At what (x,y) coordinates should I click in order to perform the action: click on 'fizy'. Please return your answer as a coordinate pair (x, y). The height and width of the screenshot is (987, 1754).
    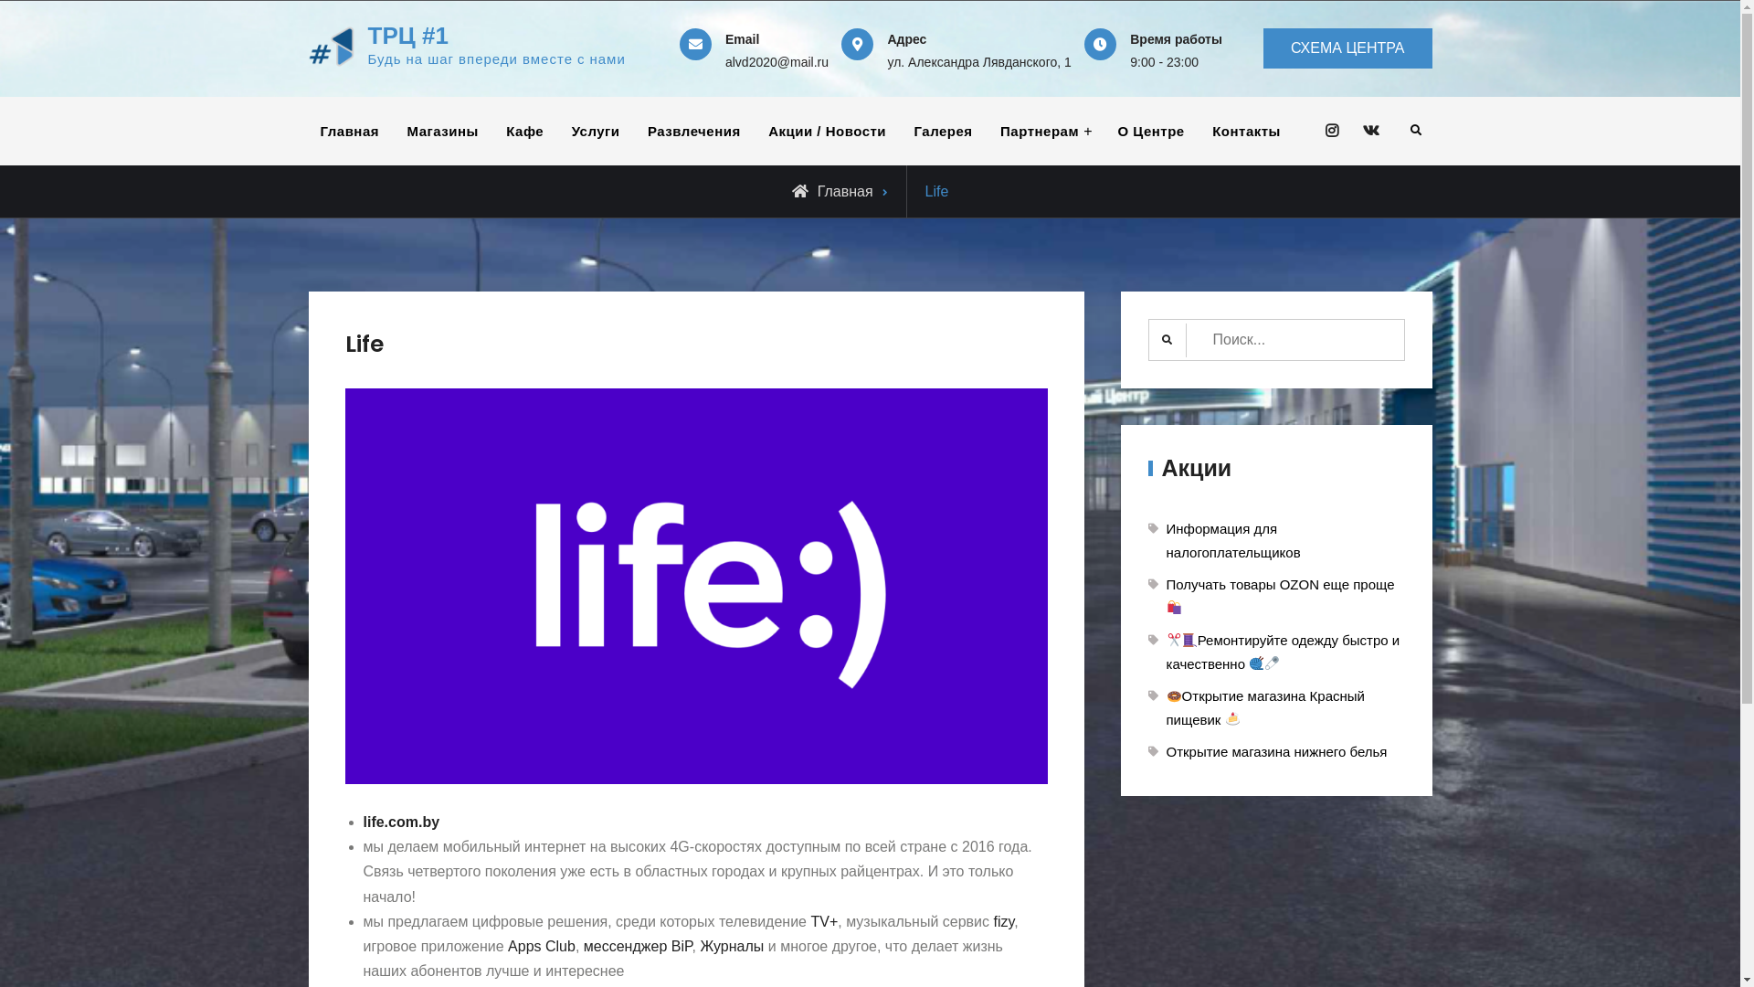
    Looking at the image, I should click on (1002, 921).